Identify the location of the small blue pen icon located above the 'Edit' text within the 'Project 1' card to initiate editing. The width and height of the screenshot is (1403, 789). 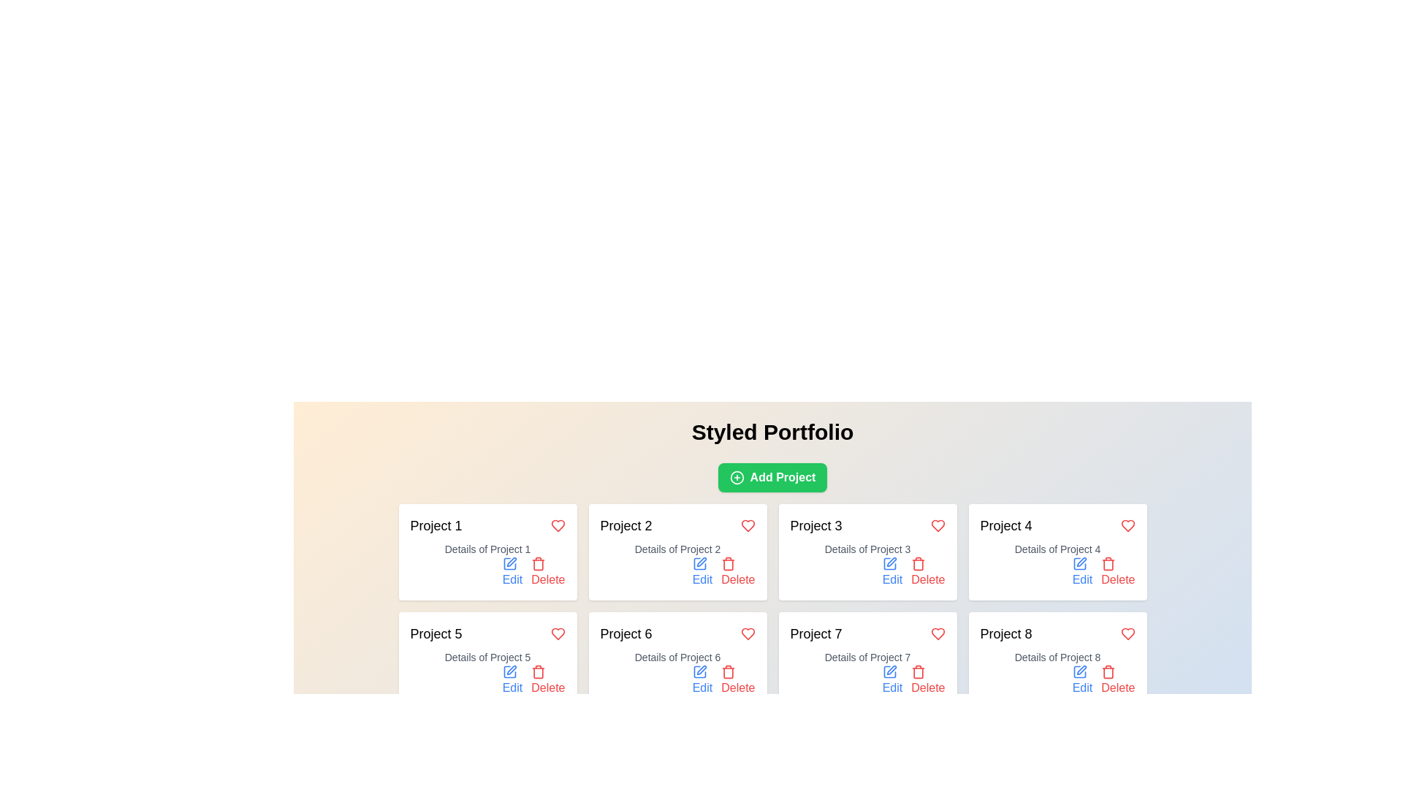
(509, 563).